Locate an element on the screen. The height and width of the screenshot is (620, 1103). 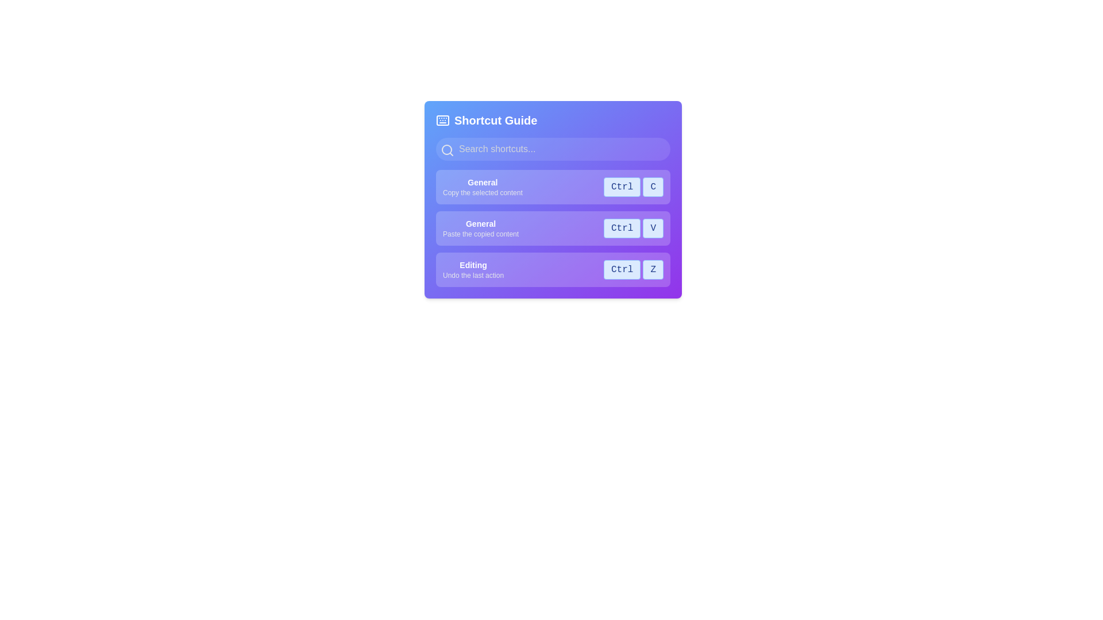
the text label that says 'Paste the copied content', which is located below the 'General' text in the shortcut descriptions list is located at coordinates (481, 234).